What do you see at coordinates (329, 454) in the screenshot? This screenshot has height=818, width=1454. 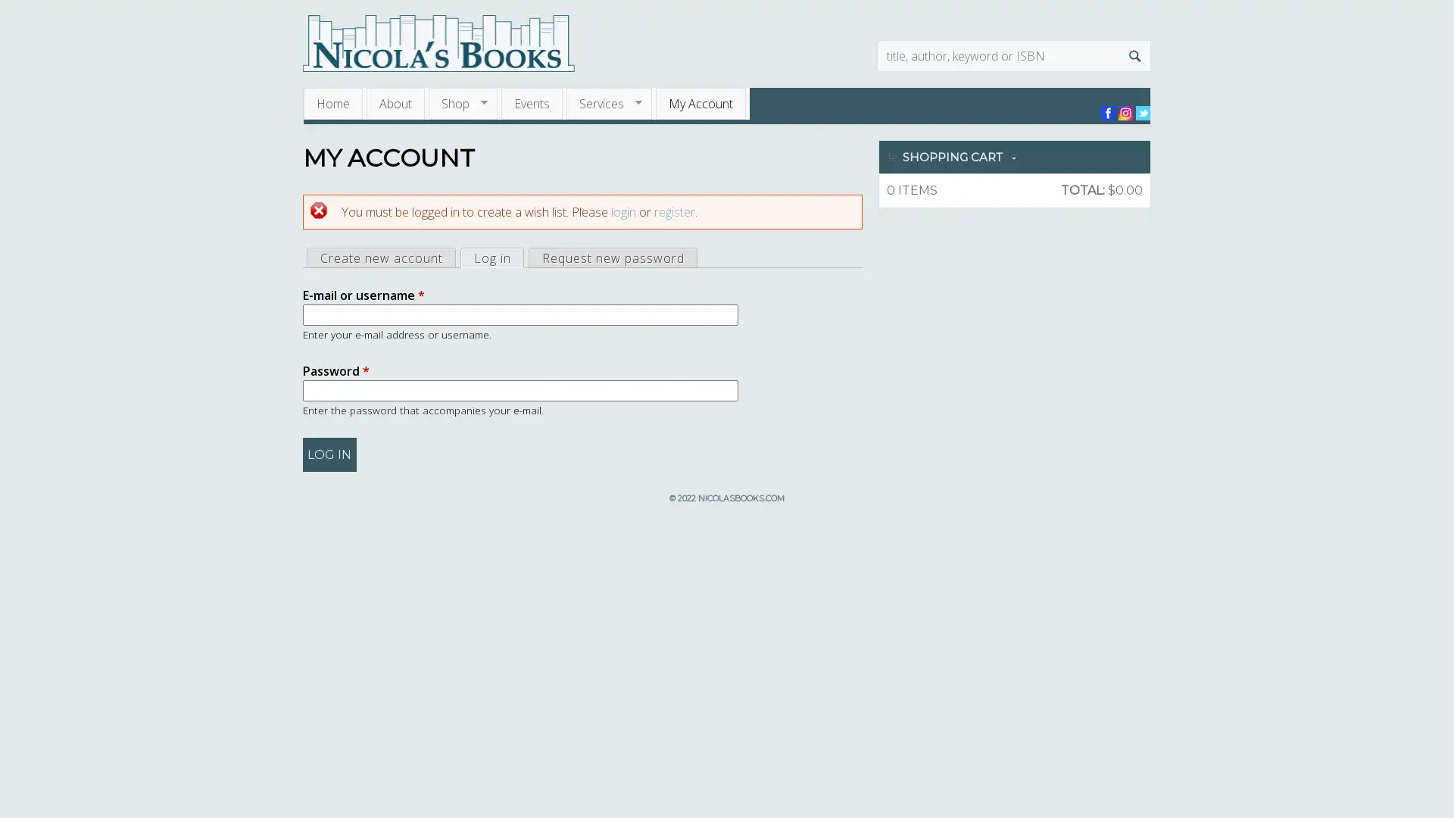 I see `Log in` at bounding box center [329, 454].